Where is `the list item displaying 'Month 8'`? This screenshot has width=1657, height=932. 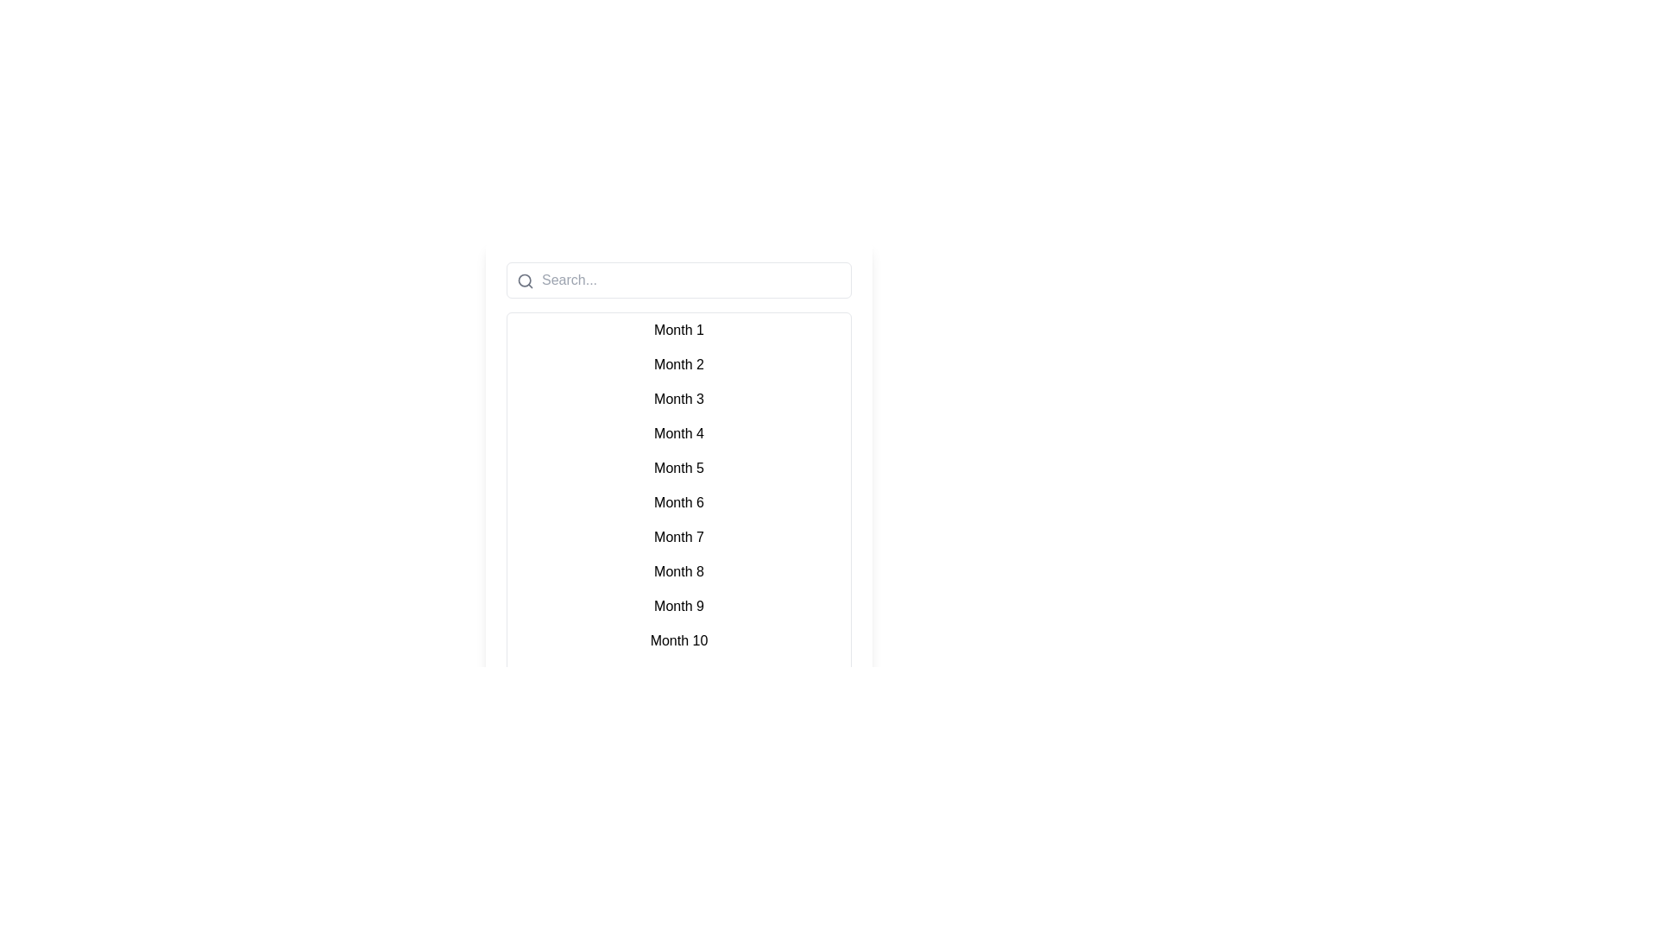 the list item displaying 'Month 8' is located at coordinates (678, 572).